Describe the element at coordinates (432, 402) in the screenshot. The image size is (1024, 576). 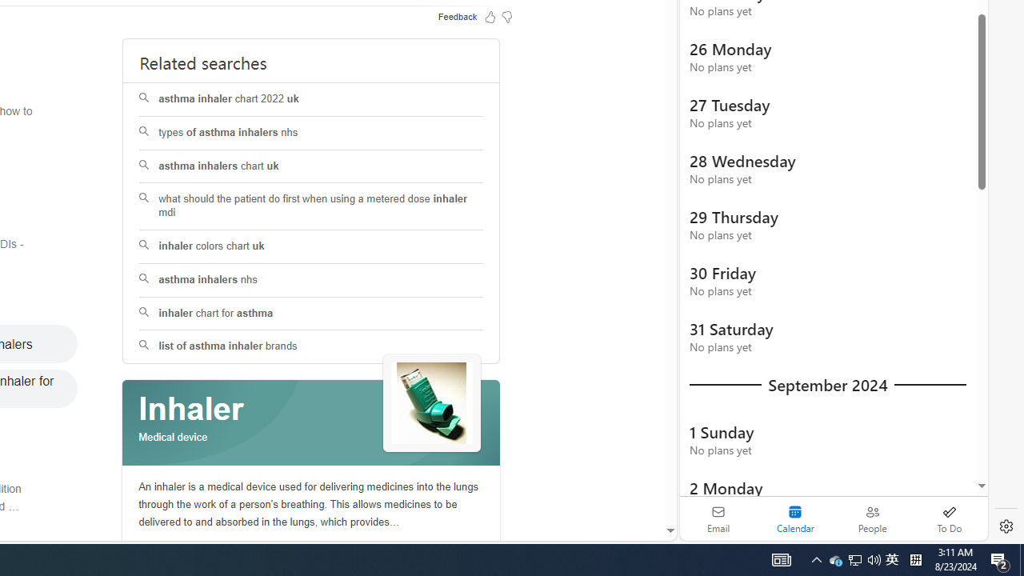
I see `'See more images of Inhaler'` at that location.